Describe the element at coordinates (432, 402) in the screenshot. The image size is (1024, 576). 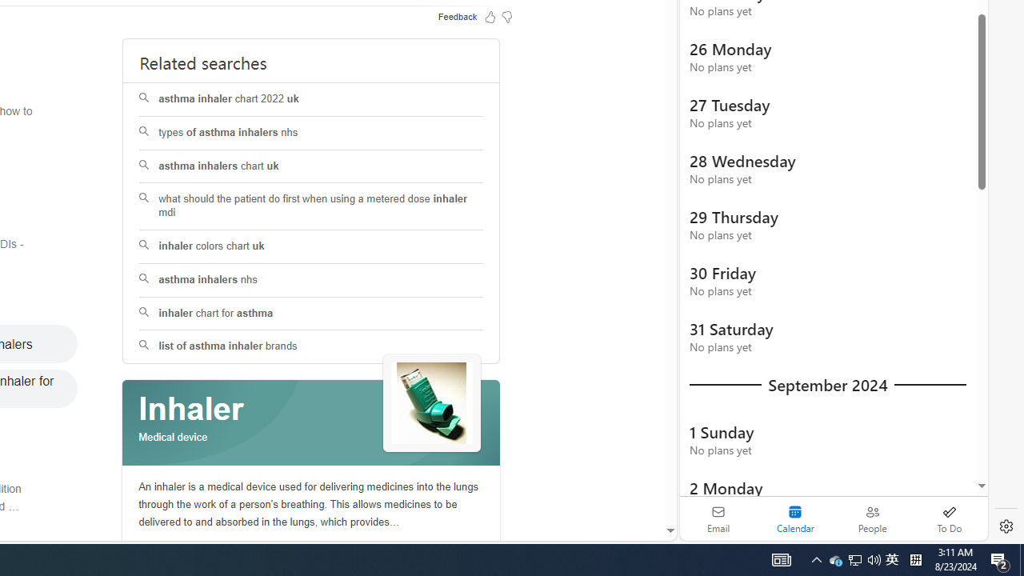
I see `'See more images of Inhaler'` at that location.